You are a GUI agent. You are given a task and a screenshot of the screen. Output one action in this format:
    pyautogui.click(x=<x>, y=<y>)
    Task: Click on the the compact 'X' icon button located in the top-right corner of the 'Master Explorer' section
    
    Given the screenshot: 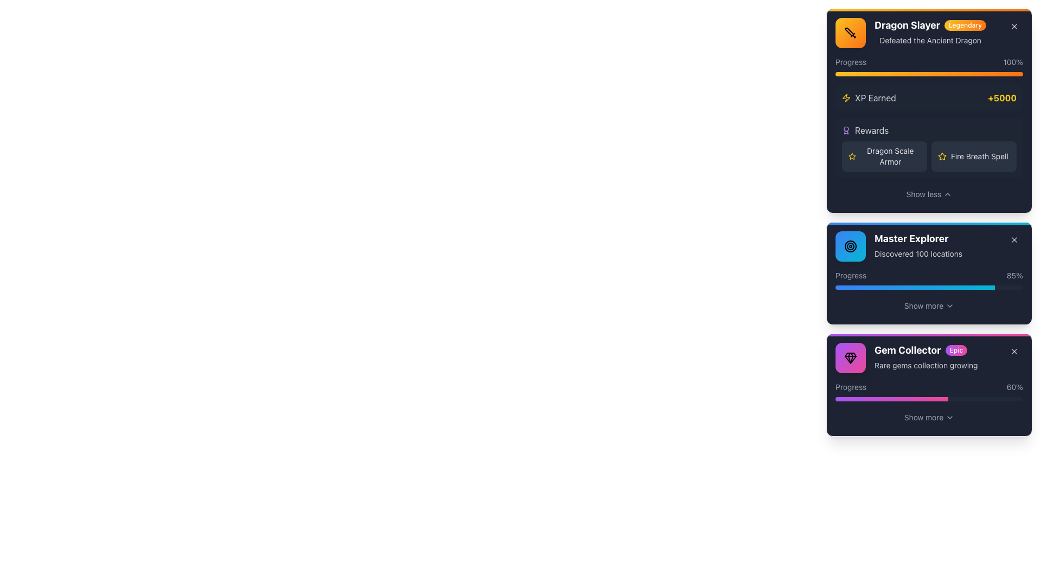 What is the action you would take?
    pyautogui.click(x=1014, y=239)
    